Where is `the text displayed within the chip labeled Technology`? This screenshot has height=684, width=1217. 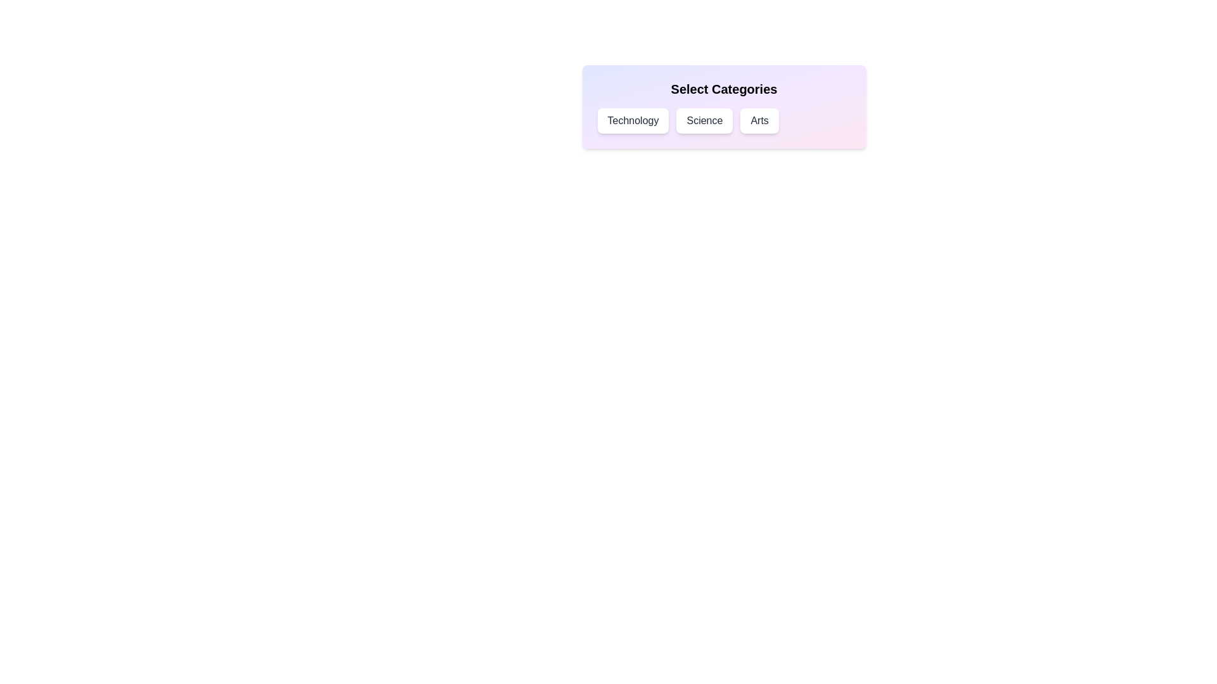
the text displayed within the chip labeled Technology is located at coordinates (633, 121).